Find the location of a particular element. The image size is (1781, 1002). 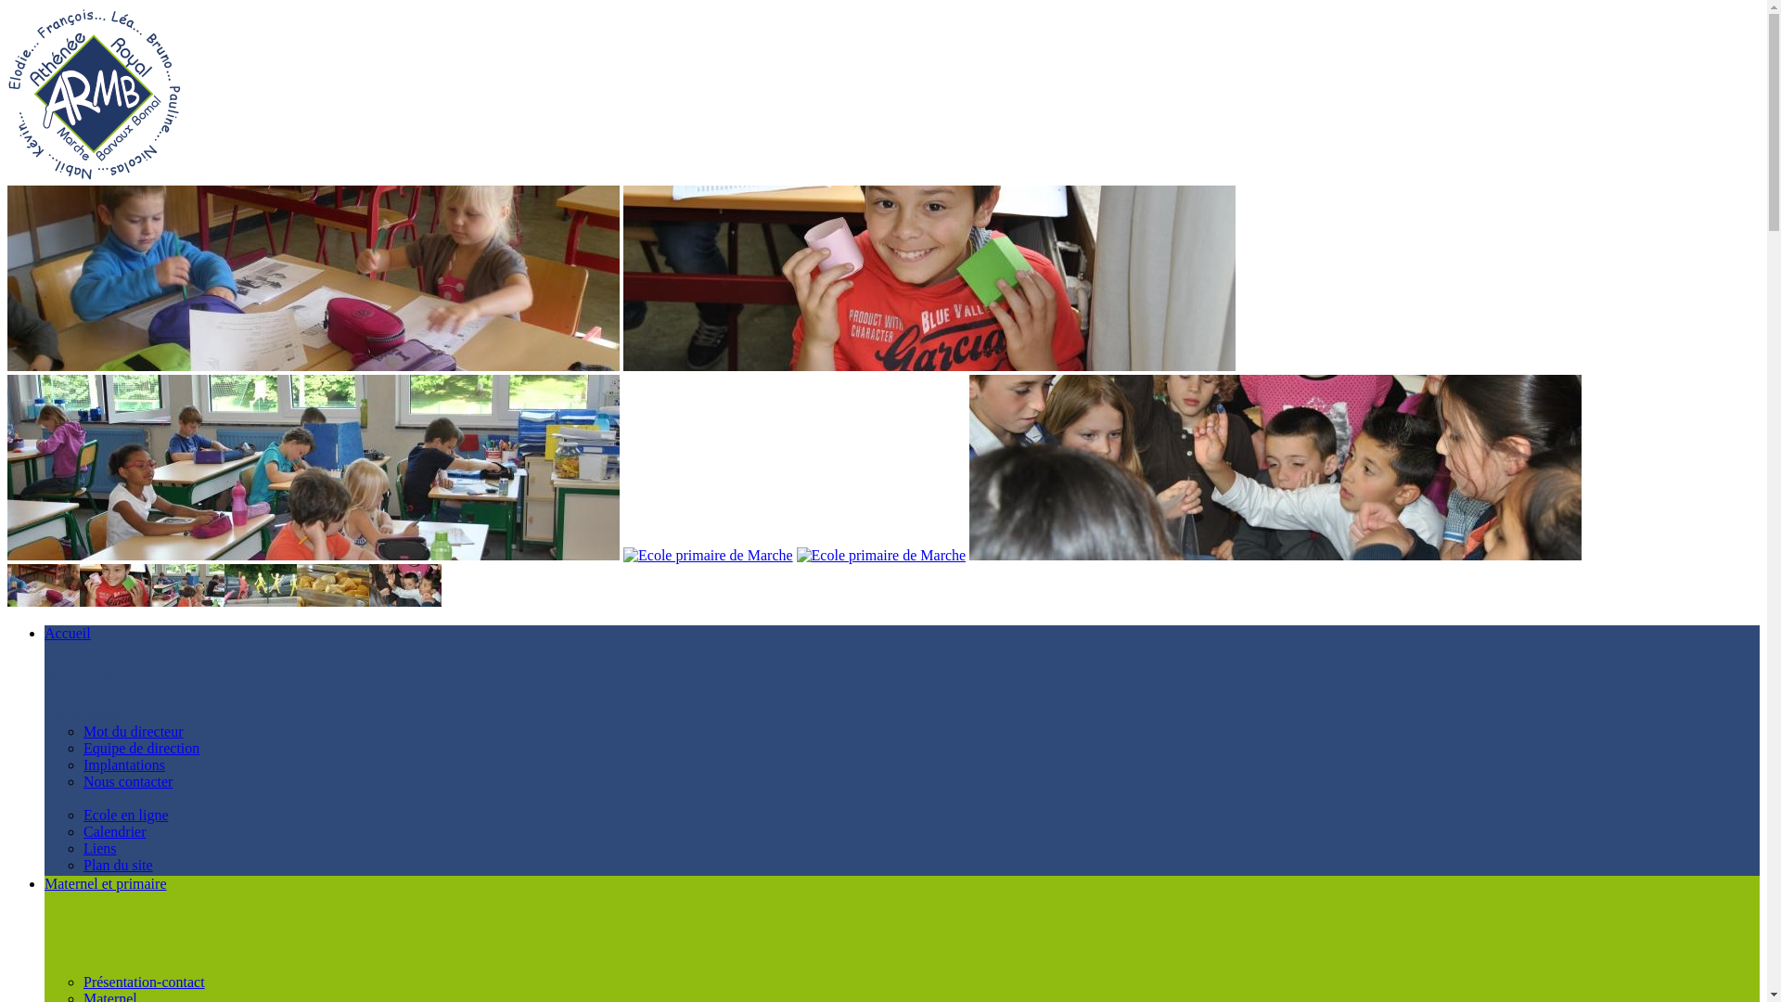

'Equipe de direction' is located at coordinates (140, 747).